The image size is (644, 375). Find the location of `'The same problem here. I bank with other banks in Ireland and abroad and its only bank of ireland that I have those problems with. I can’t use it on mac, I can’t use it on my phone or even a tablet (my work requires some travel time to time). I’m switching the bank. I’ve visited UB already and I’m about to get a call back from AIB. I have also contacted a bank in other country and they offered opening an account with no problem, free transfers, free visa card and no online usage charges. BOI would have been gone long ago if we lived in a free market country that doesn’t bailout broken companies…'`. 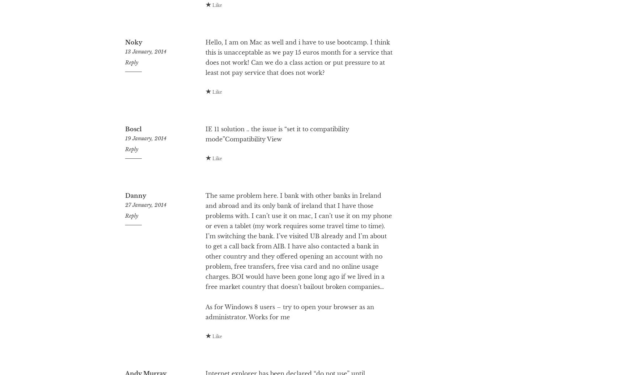

'The same problem here. I bank with other banks in Ireland and abroad and its only bank of ireland that I have those problems with. I can’t use it on mac, I can’t use it on my phone or even a tablet (my work requires some travel time to time). I’m switching the bank. I’ve visited UB already and I’m about to get a call back from AIB. I have also contacted a bank in other country and they offered opening an account with no problem, free transfers, free visa card and no online usage charges. BOI would have been gone long ago if we lived in a free market country that doesn’t bailout broken companies…' is located at coordinates (298, 270).